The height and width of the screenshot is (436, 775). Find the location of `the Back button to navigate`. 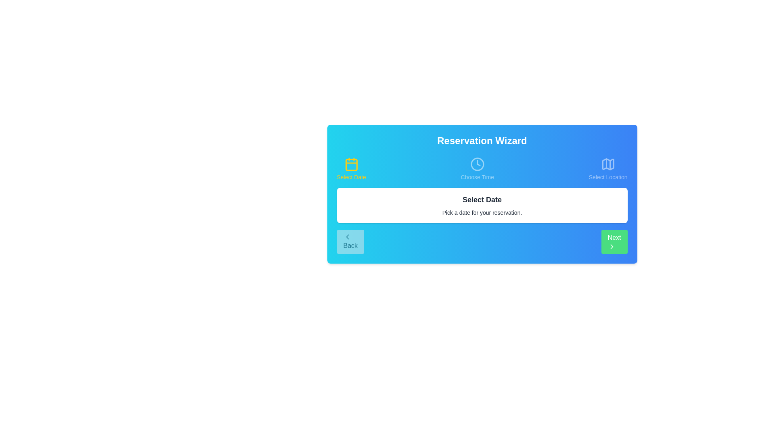

the Back button to navigate is located at coordinates (350, 241).